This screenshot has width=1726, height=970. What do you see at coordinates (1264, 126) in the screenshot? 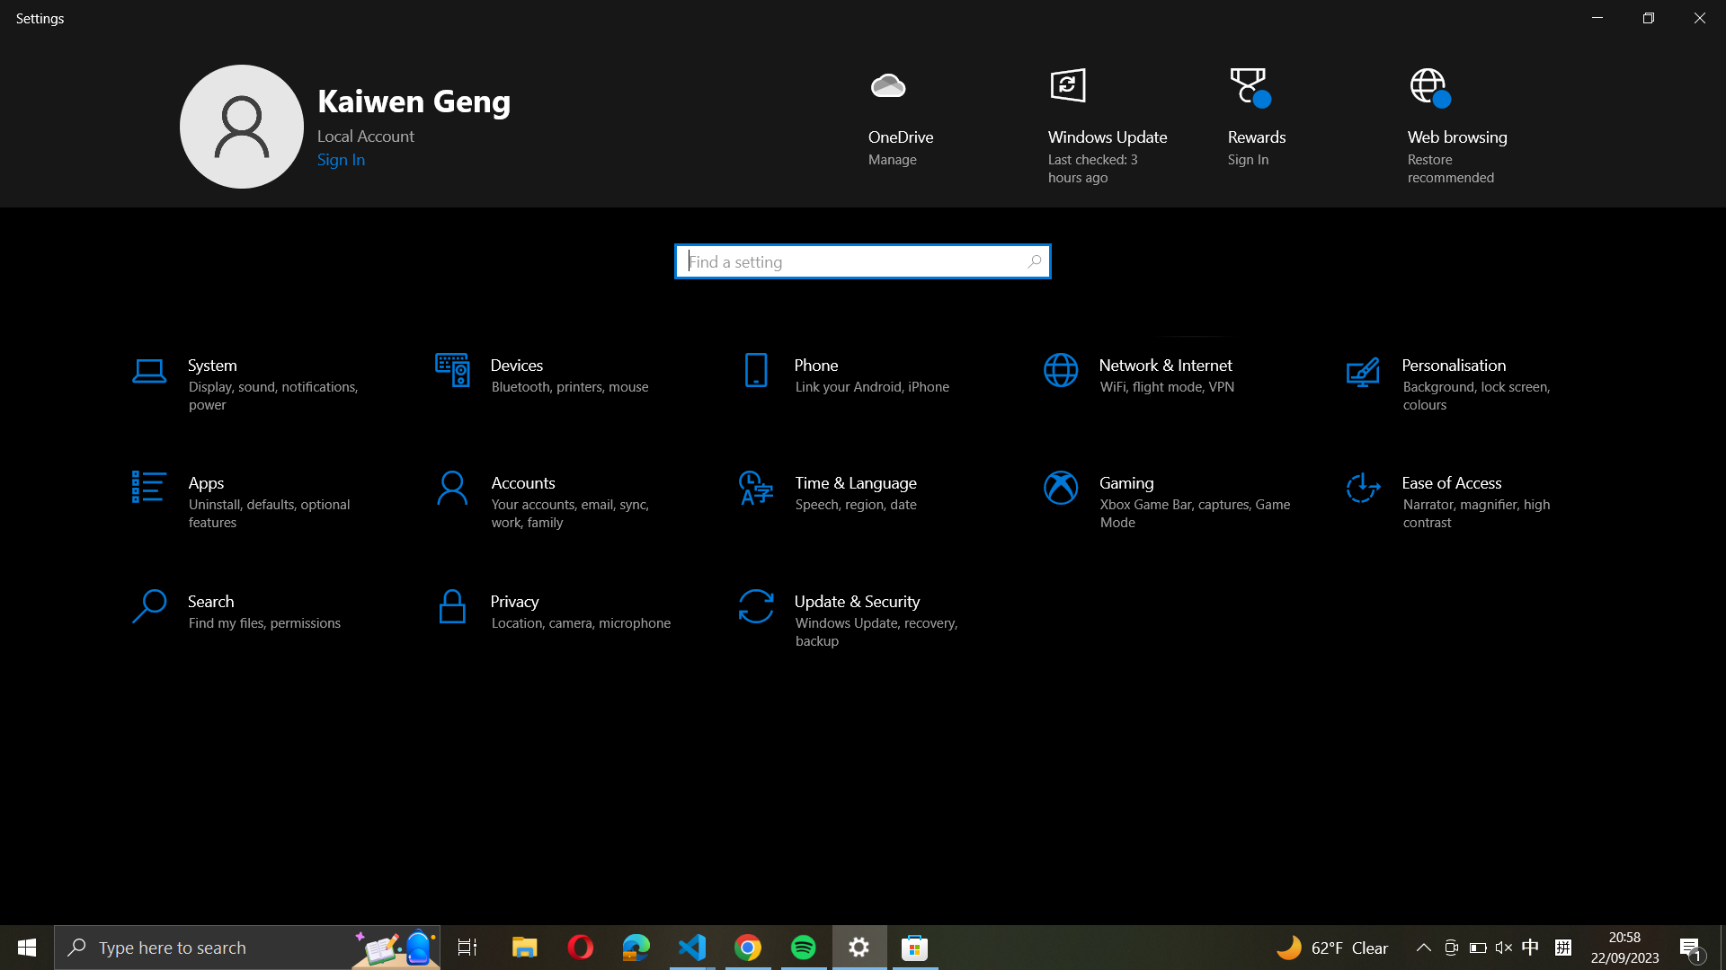
I see `the "Rewards" feature` at bounding box center [1264, 126].